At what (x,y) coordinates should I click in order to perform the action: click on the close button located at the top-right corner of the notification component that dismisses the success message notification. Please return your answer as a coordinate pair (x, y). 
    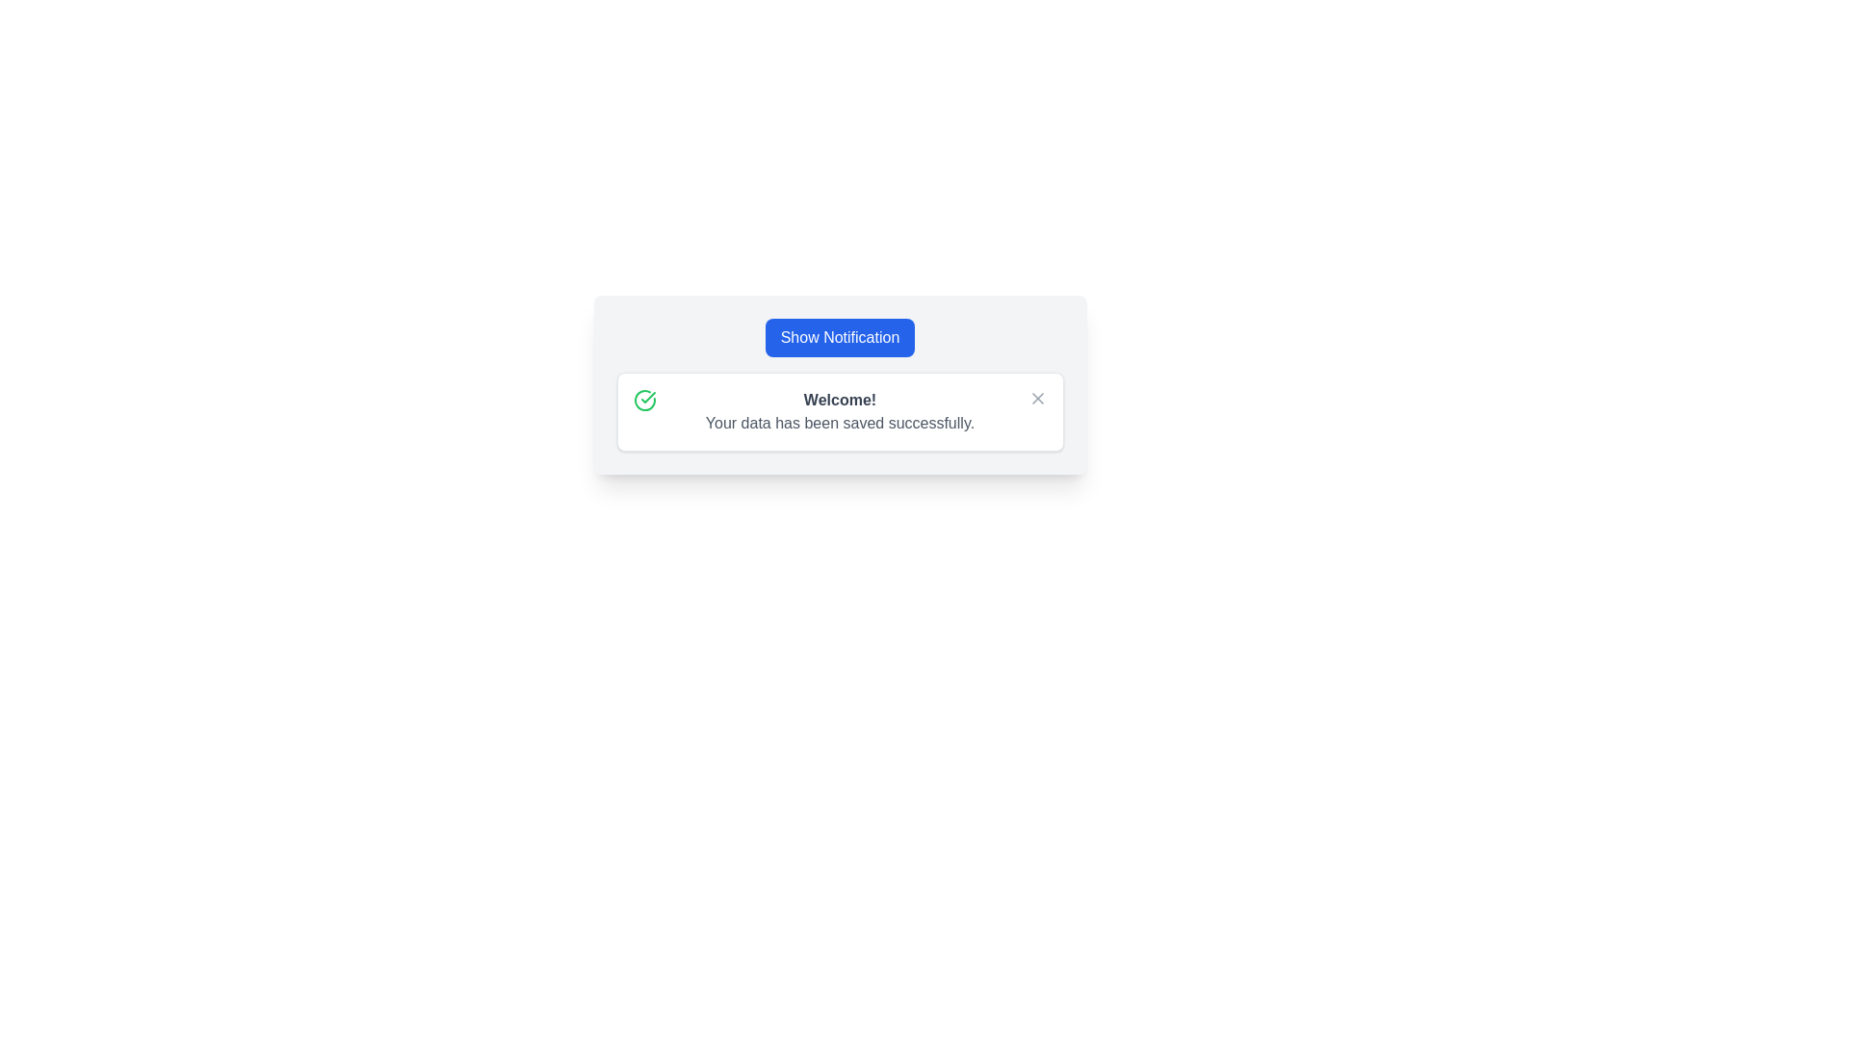
    Looking at the image, I should click on (1036, 397).